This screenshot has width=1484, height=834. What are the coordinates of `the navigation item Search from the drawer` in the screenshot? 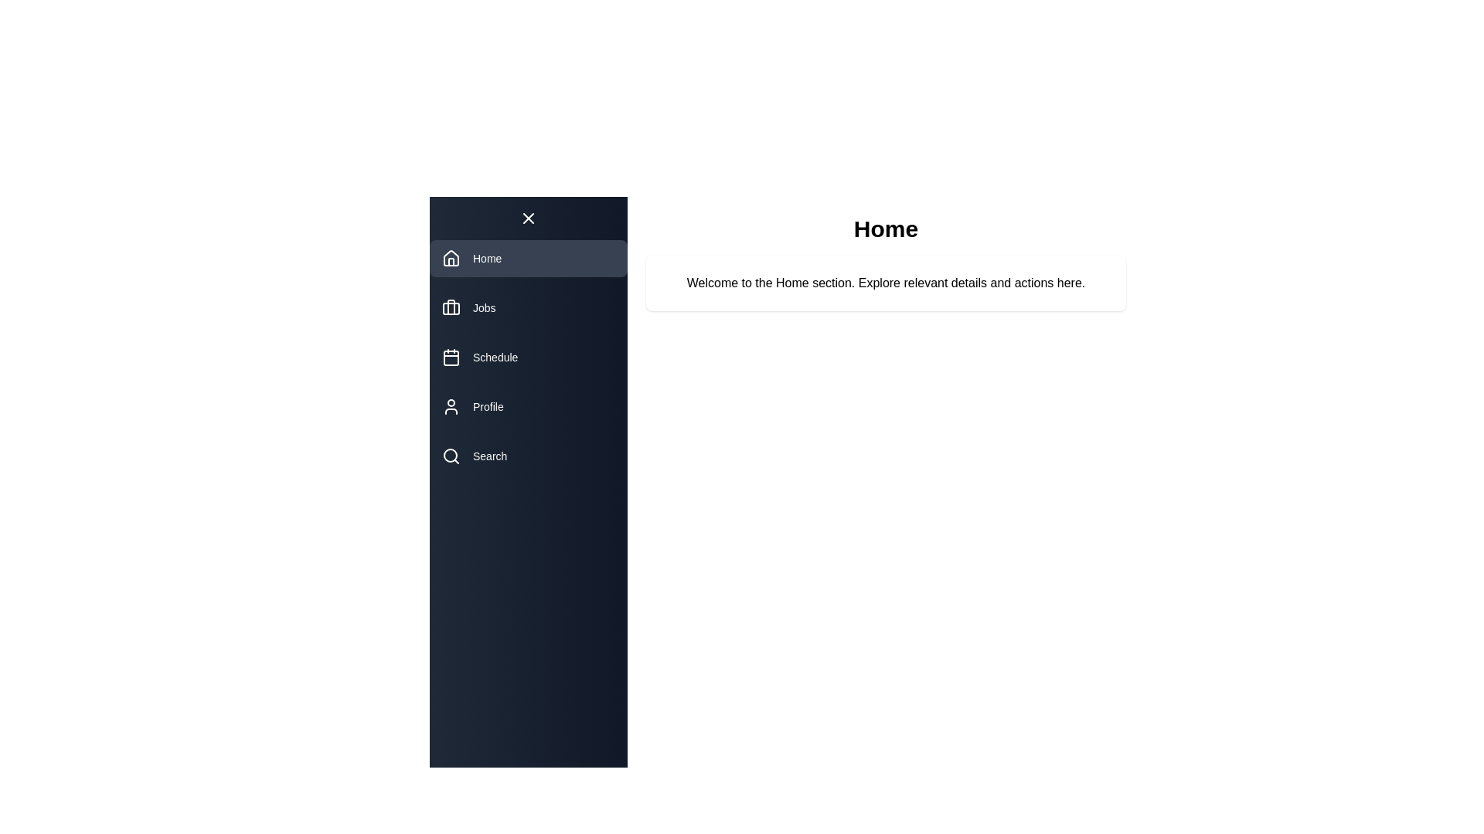 It's located at (529, 455).